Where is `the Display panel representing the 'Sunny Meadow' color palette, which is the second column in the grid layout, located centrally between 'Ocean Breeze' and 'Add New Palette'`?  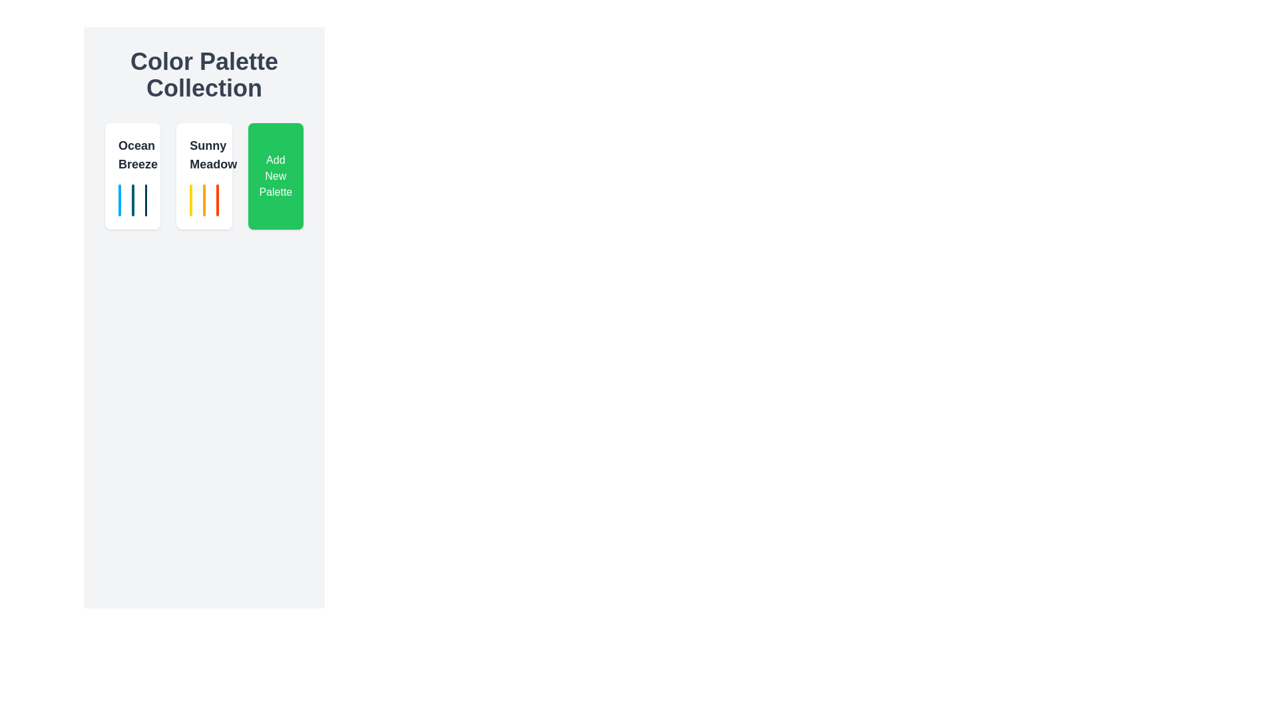
the Display panel representing the 'Sunny Meadow' color palette, which is the second column in the grid layout, located centrally between 'Ocean Breeze' and 'Add New Palette' is located at coordinates (204, 176).